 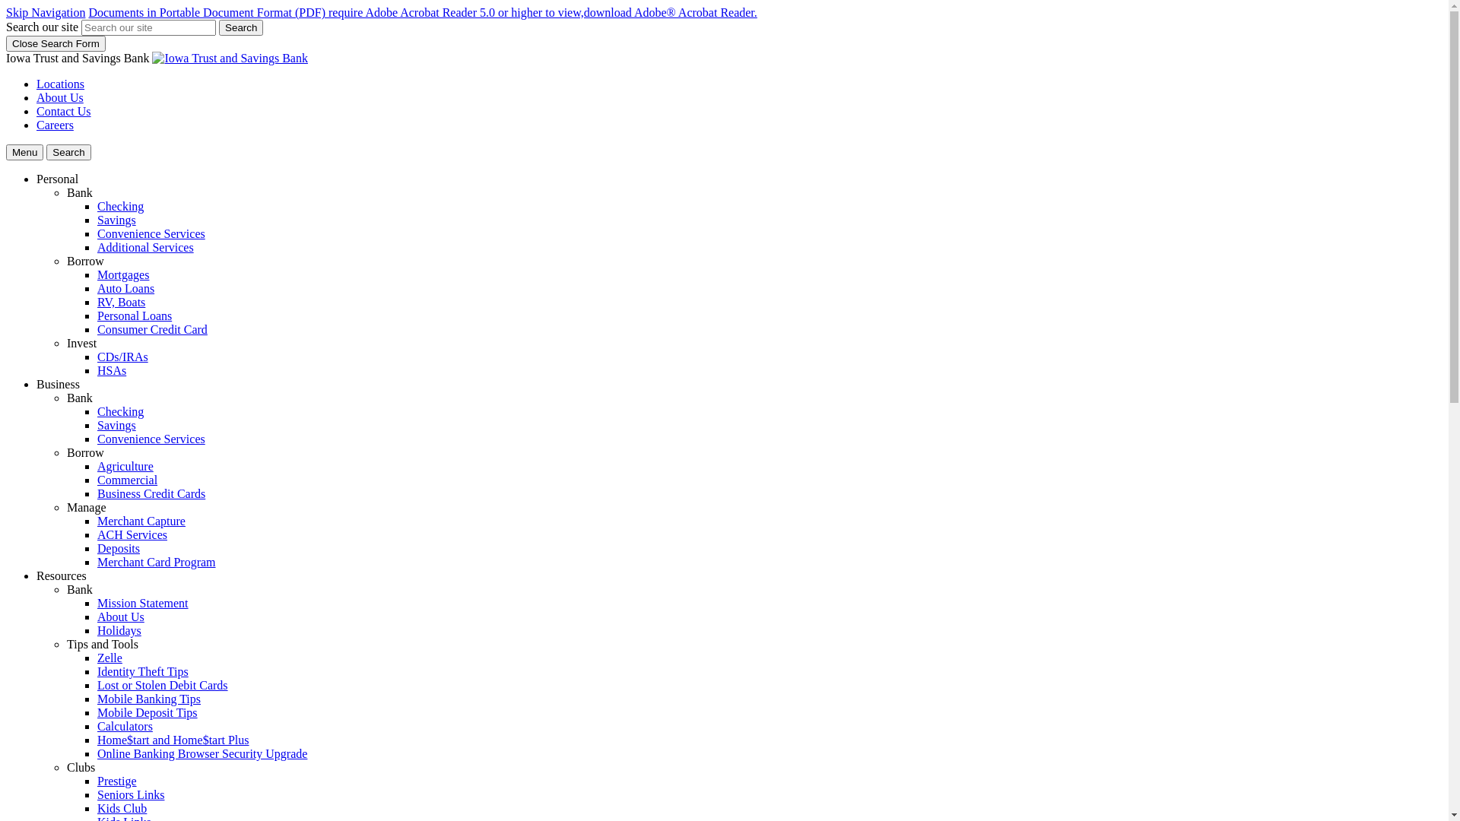 I want to click on 'Iowa Trust and Savings Bank, Centerville, IA', so click(x=229, y=57).